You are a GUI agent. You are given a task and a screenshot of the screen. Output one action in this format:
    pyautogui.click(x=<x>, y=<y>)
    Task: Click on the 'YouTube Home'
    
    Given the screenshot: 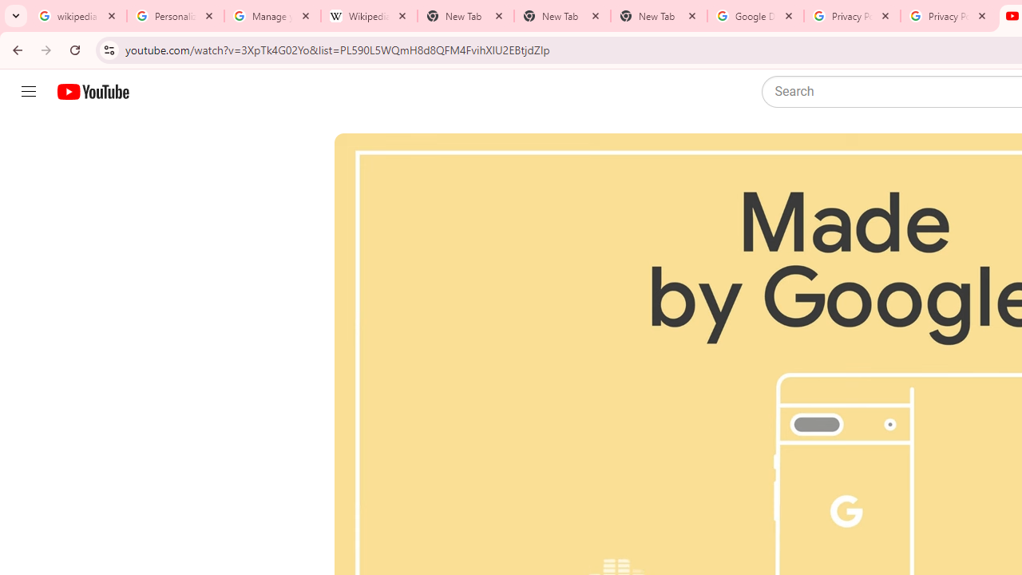 What is the action you would take?
    pyautogui.click(x=92, y=92)
    